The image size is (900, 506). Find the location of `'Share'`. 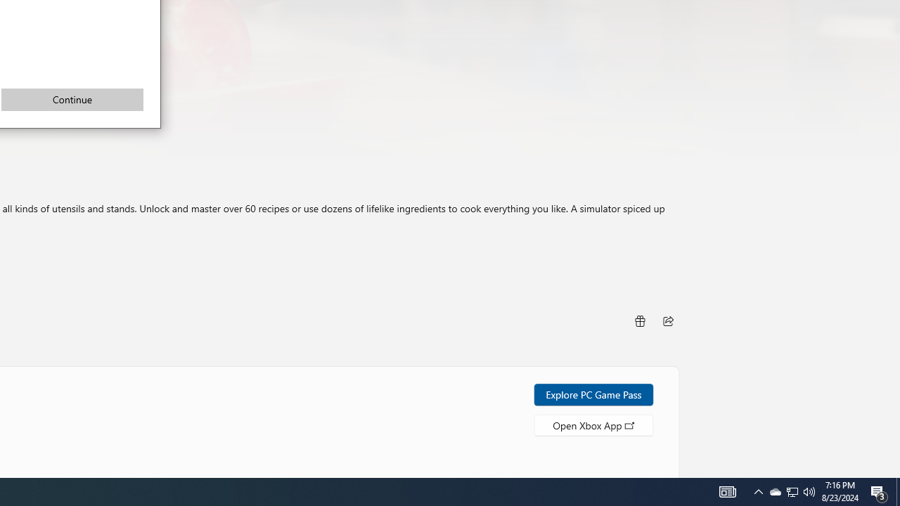

'Share' is located at coordinates (638, 320).